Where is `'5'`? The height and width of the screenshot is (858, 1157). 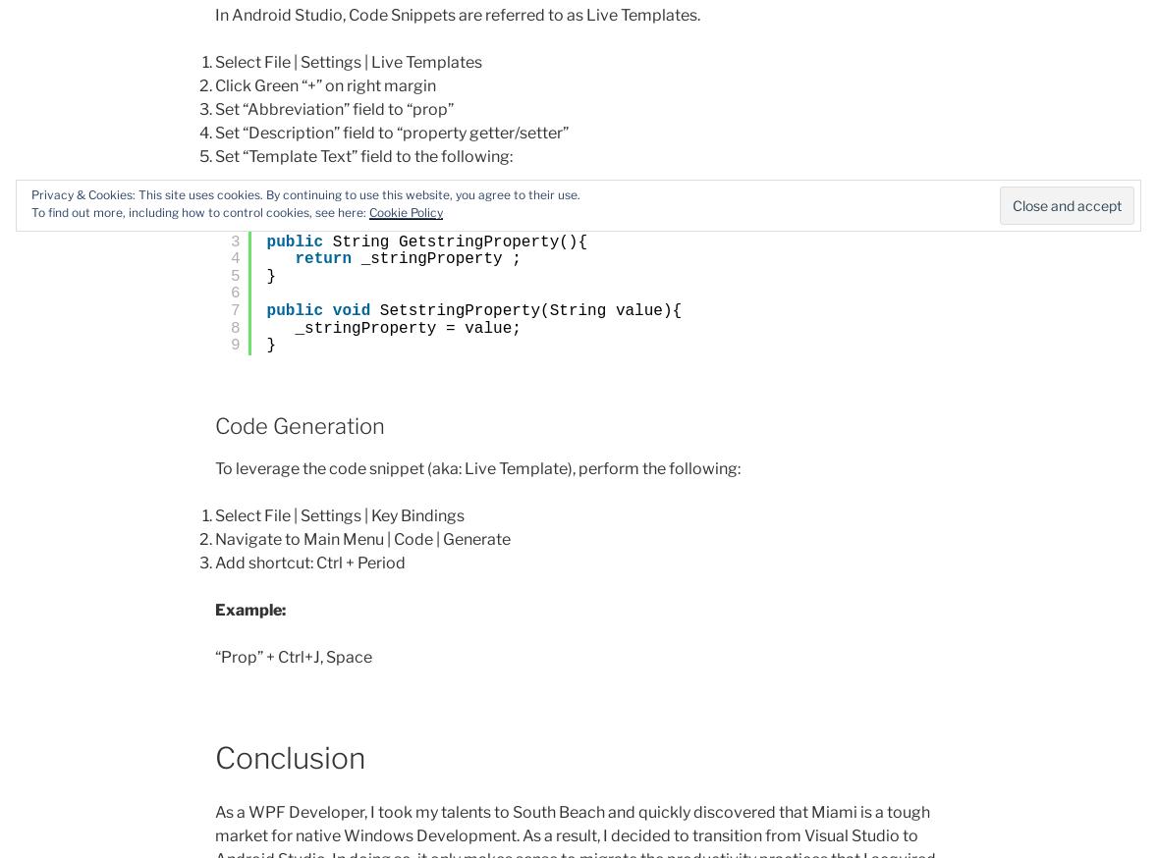 '5' is located at coordinates (234, 275).